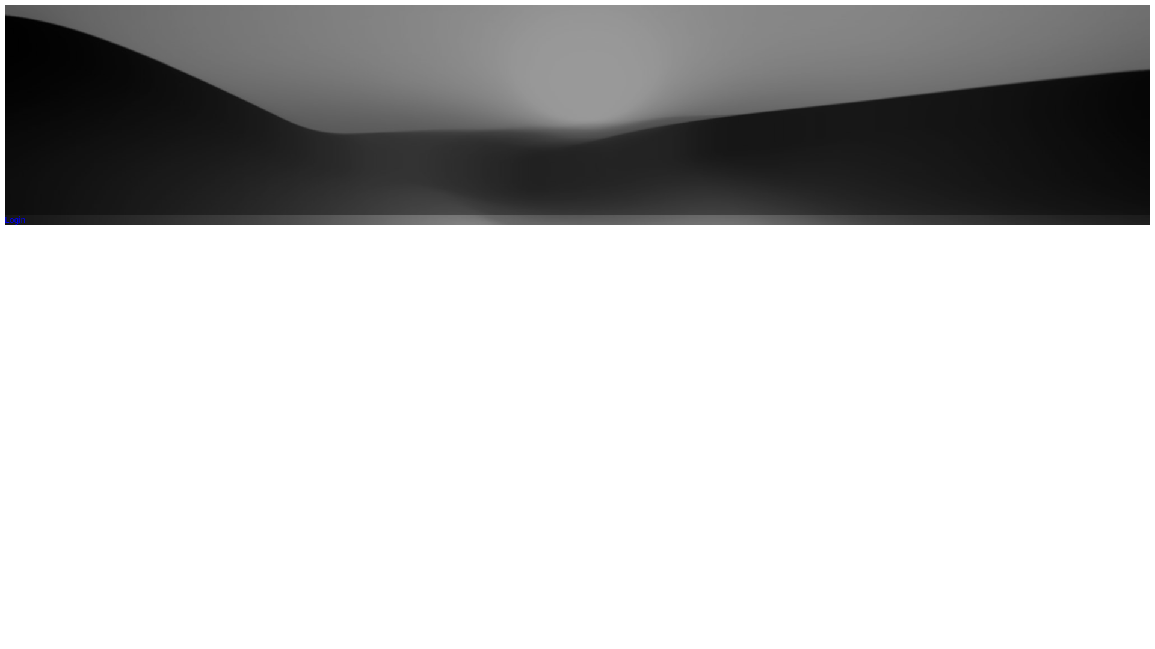 This screenshot has height=649, width=1155. Describe the element at coordinates (14, 220) in the screenshot. I see `'Login'` at that location.